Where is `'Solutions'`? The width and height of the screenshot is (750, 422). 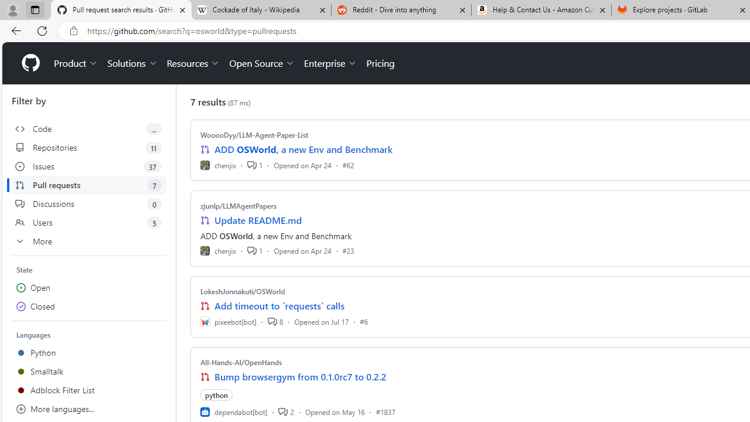
'Solutions' is located at coordinates (132, 63).